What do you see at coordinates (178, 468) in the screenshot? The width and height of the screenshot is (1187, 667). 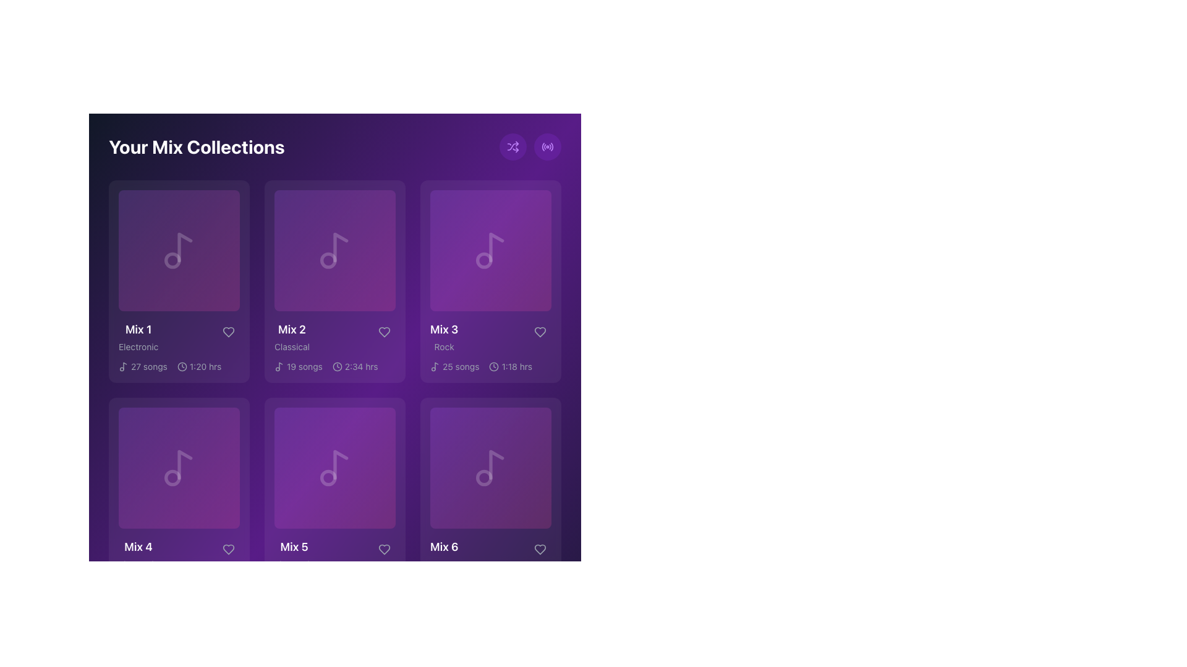 I see `the musical note icon which is a decorative element located in the fourth card labeled 'Mix 4' in the second row, first column of the grid layout under 'Your Mix Collections'` at bounding box center [178, 468].